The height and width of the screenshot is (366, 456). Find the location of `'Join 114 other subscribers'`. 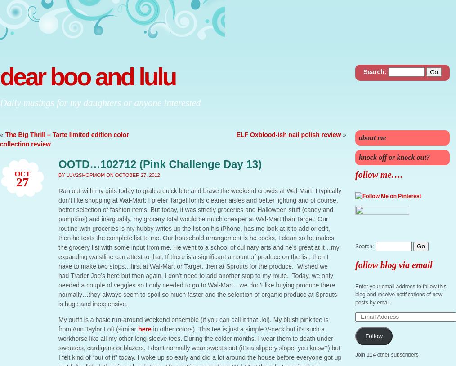

'Join 114 other subscribers' is located at coordinates (386, 354).